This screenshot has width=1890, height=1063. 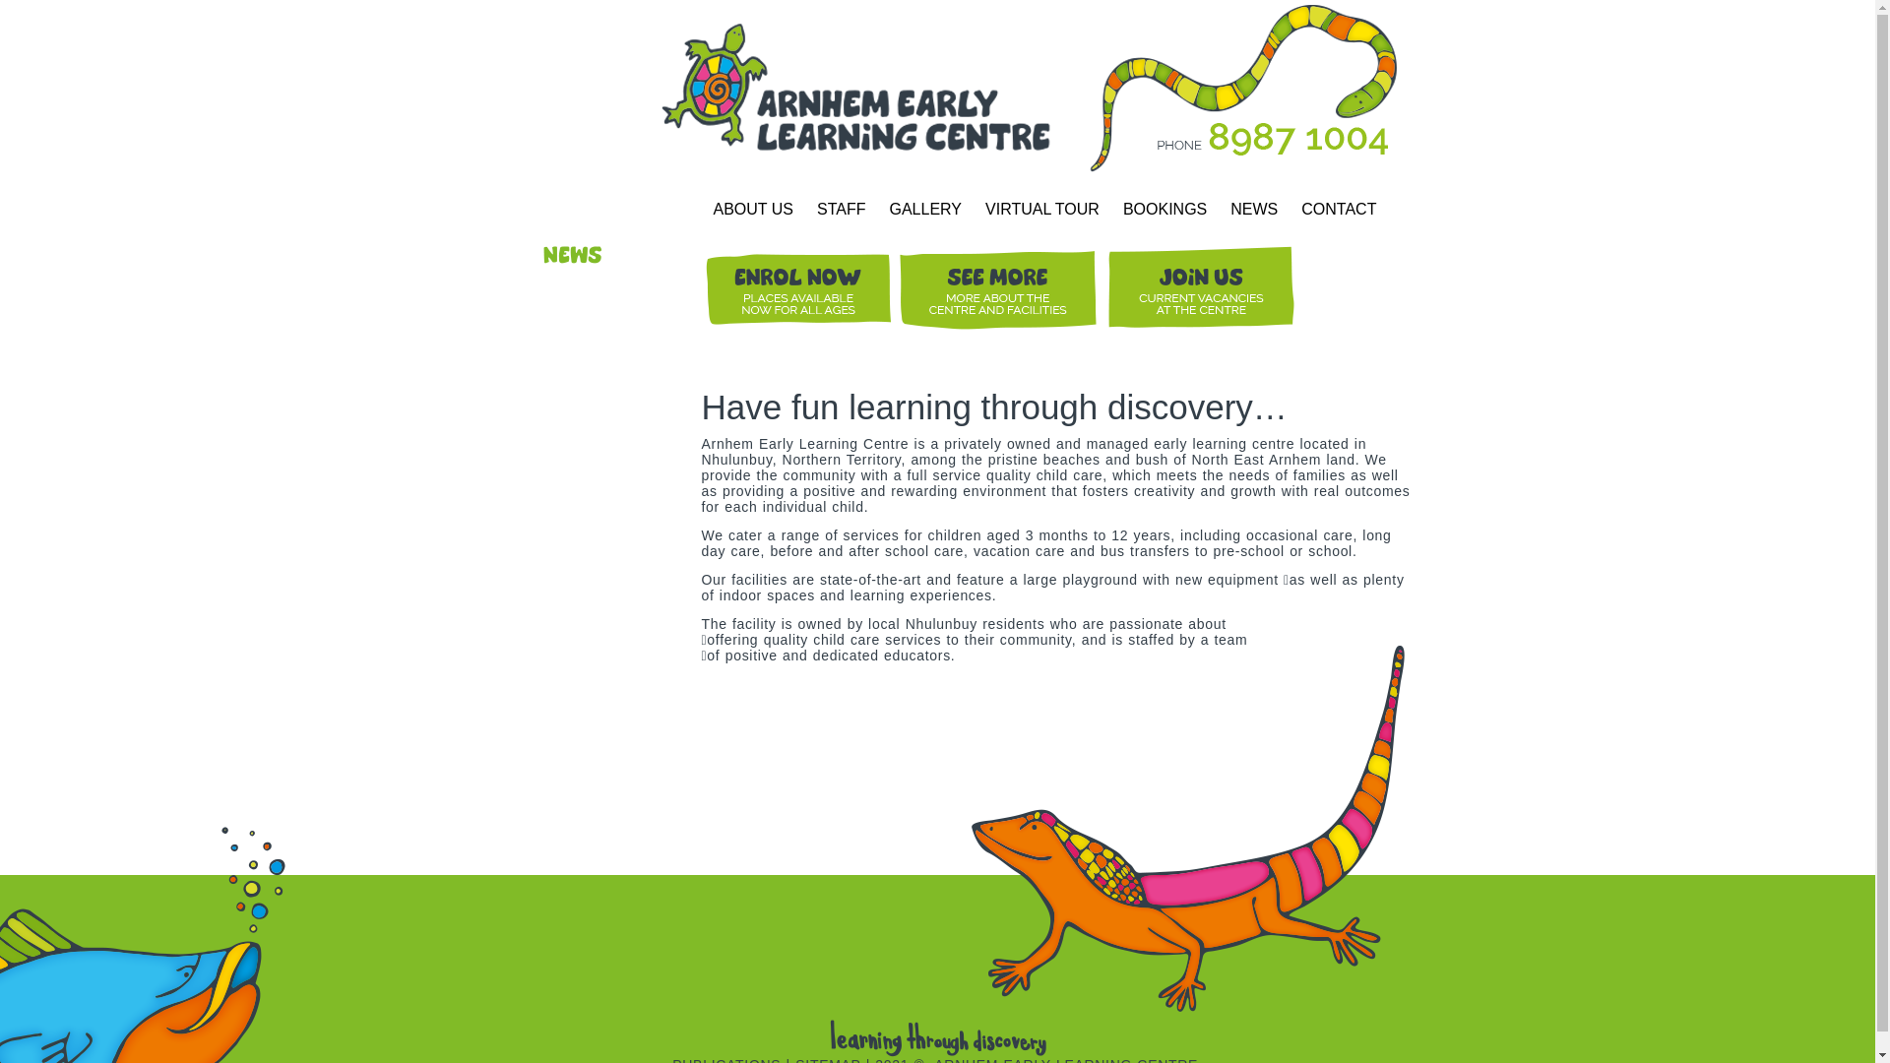 What do you see at coordinates (1165, 209) in the screenshot?
I see `'BOOKINGS'` at bounding box center [1165, 209].